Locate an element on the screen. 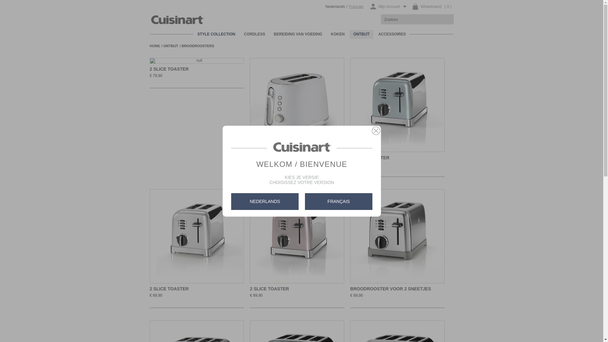 The height and width of the screenshot is (342, 608). 'Ga naar het product: 2 Slice Toaster' is located at coordinates (296, 104).